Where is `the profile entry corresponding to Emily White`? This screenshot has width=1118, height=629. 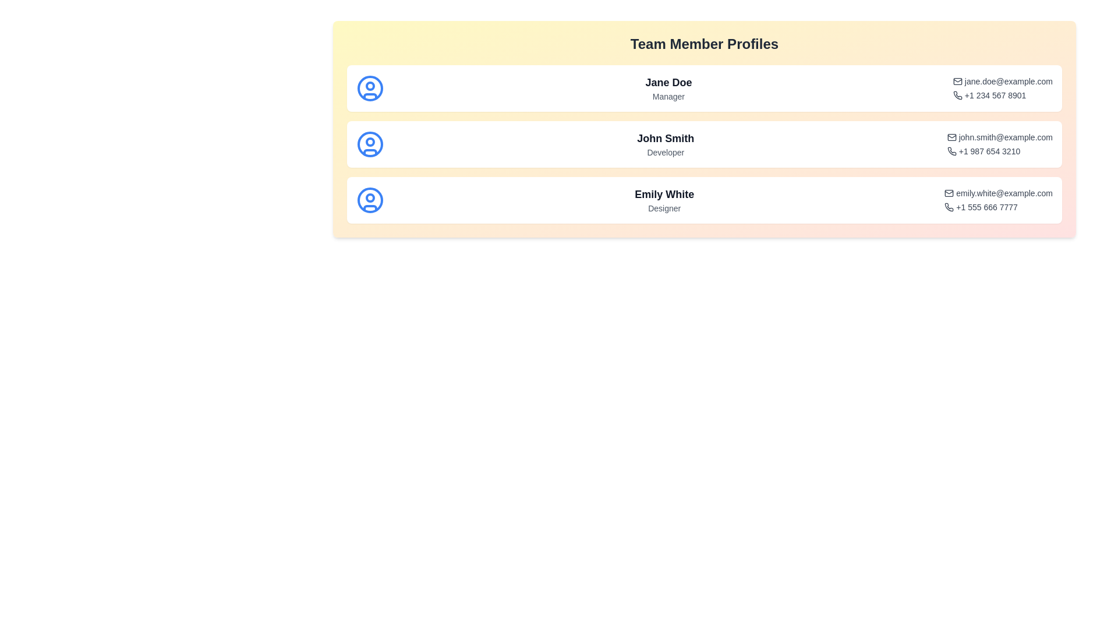 the profile entry corresponding to Emily White is located at coordinates (703, 199).